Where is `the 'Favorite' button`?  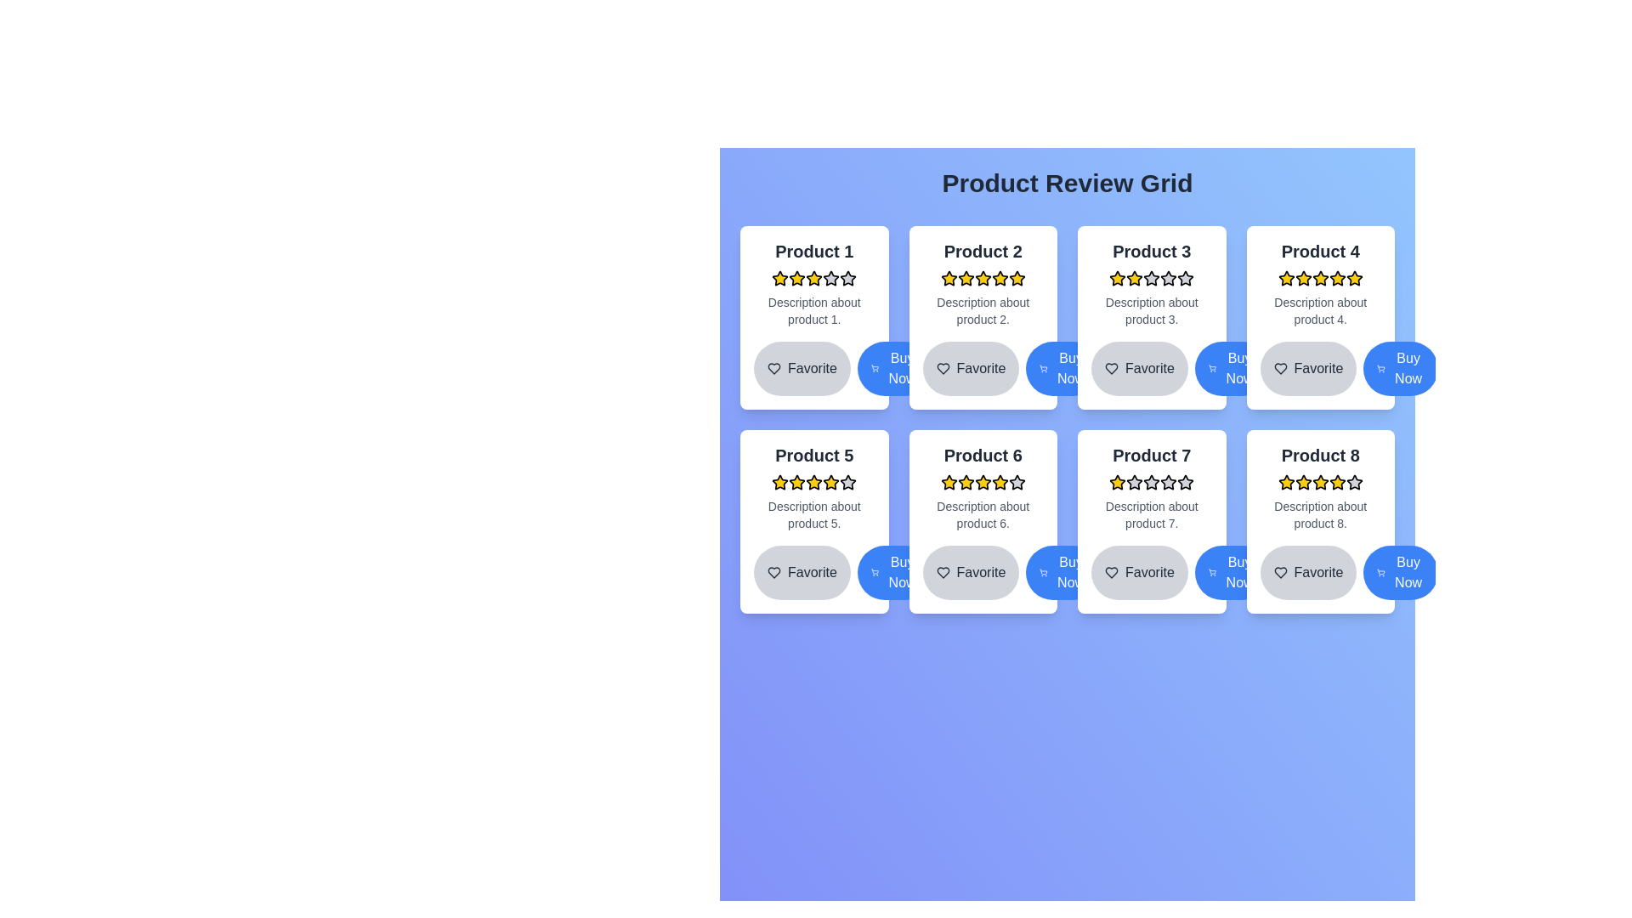
the 'Favorite' button is located at coordinates (801, 573).